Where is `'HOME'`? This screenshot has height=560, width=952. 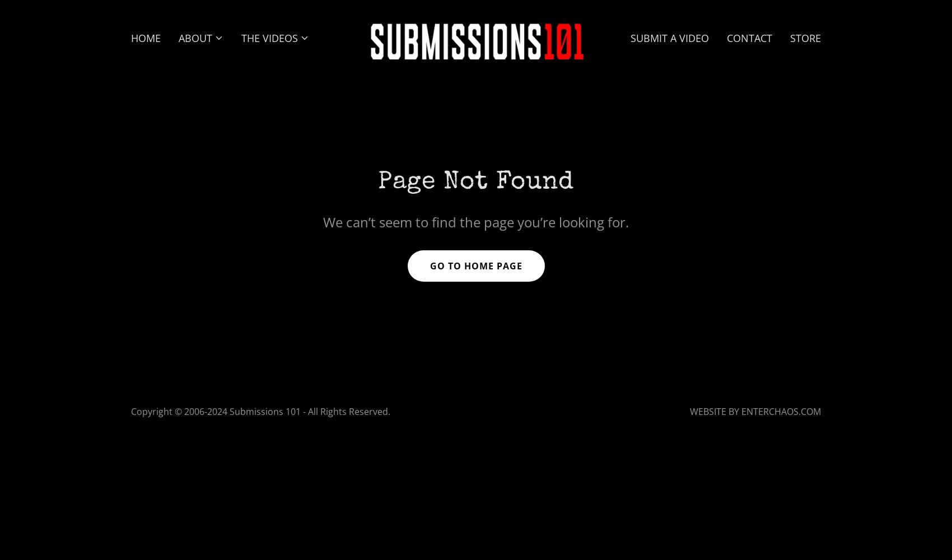 'HOME' is located at coordinates (146, 37).